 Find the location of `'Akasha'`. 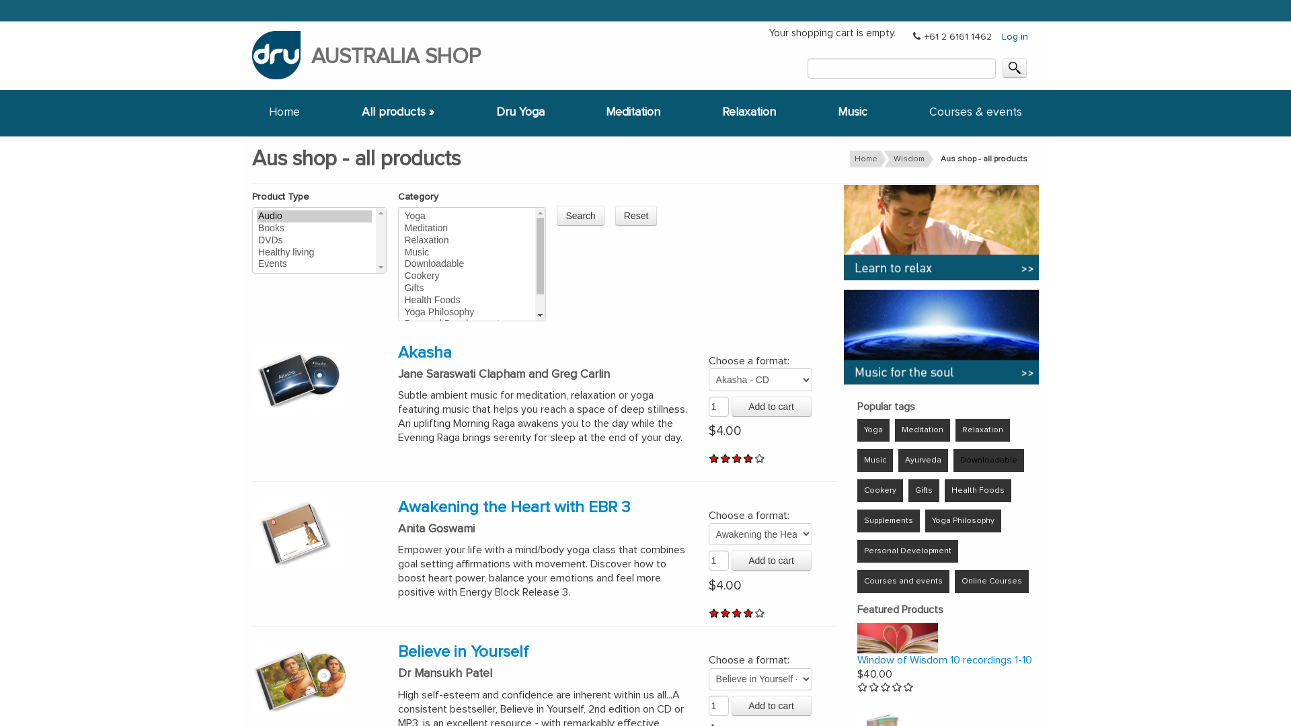

'Akasha' is located at coordinates (424, 352).